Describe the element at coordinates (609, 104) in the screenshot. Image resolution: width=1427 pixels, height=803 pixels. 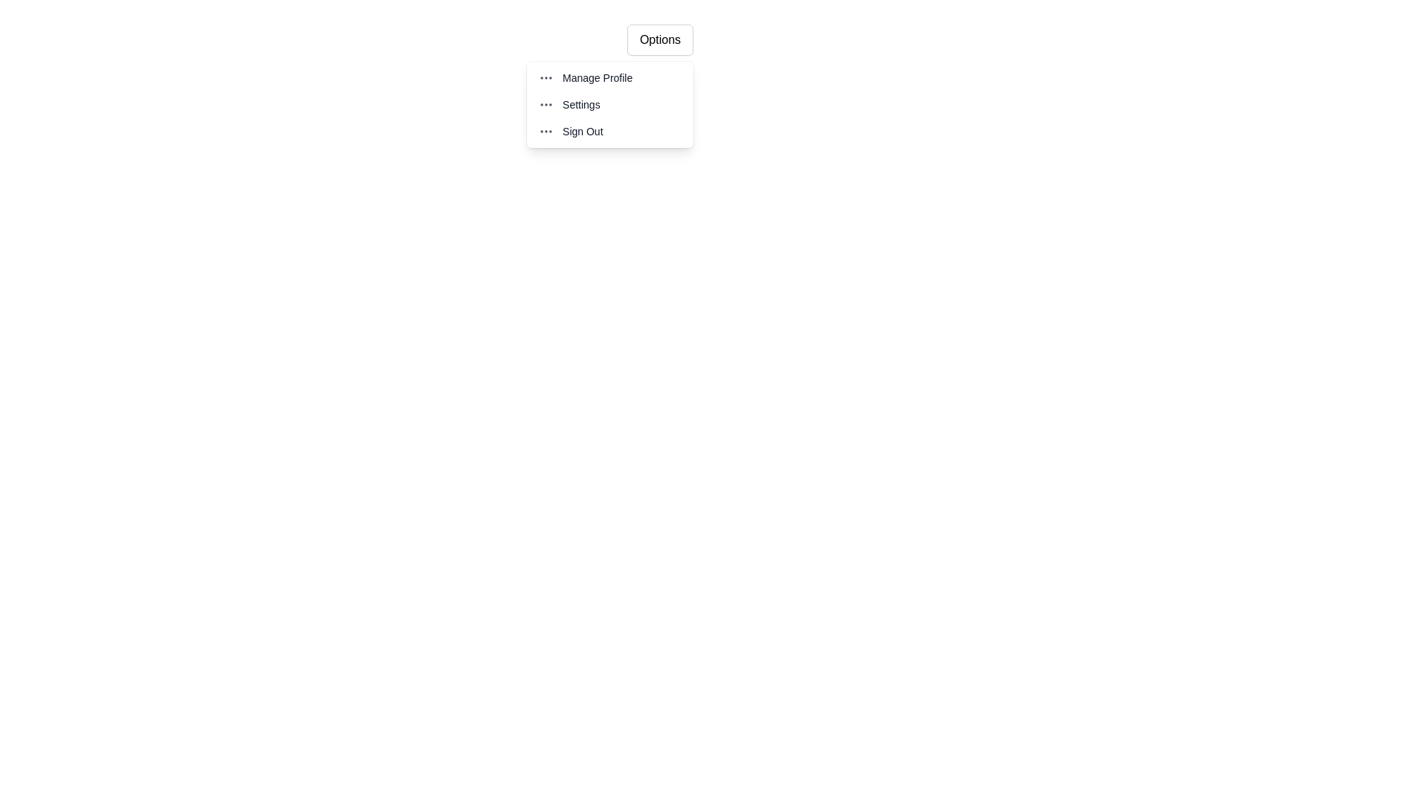
I see `the second option in the dropdown menu labeled 'Settings', which is styled with a white background and rounded corners, located beneath the 'Options' button` at that location.